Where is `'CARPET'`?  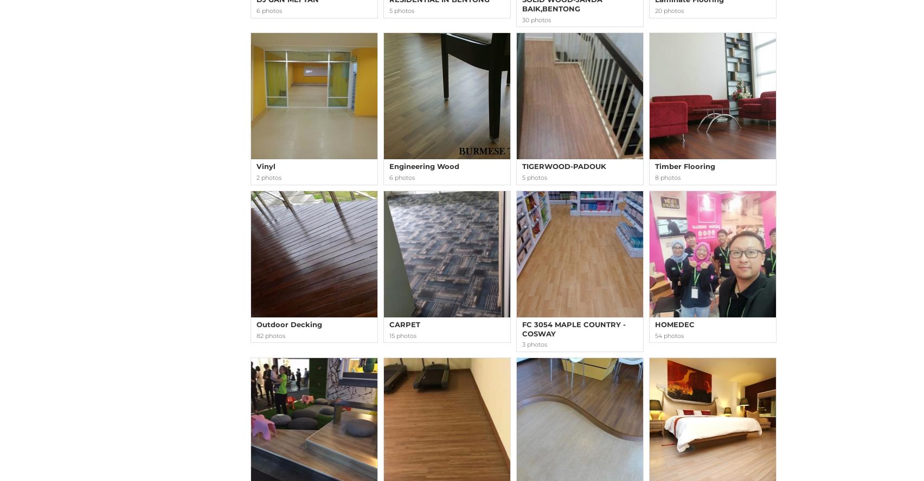
'CARPET' is located at coordinates (404, 323).